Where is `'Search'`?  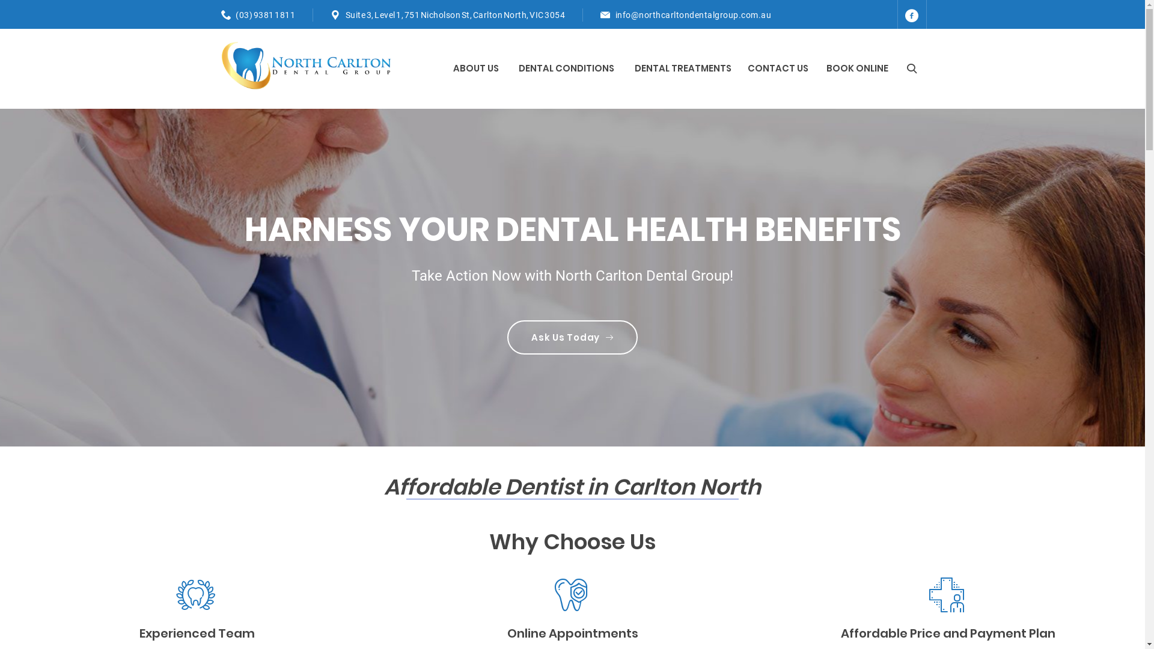
'Search' is located at coordinates (899, 69).